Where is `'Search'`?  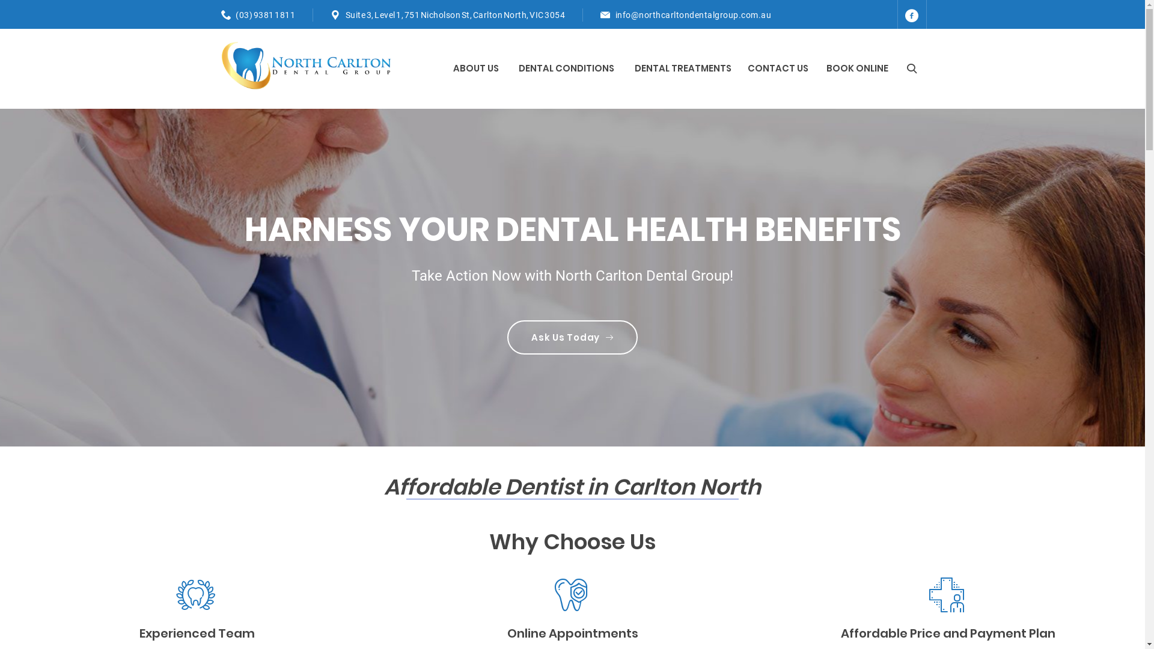
'Search' is located at coordinates (899, 69).